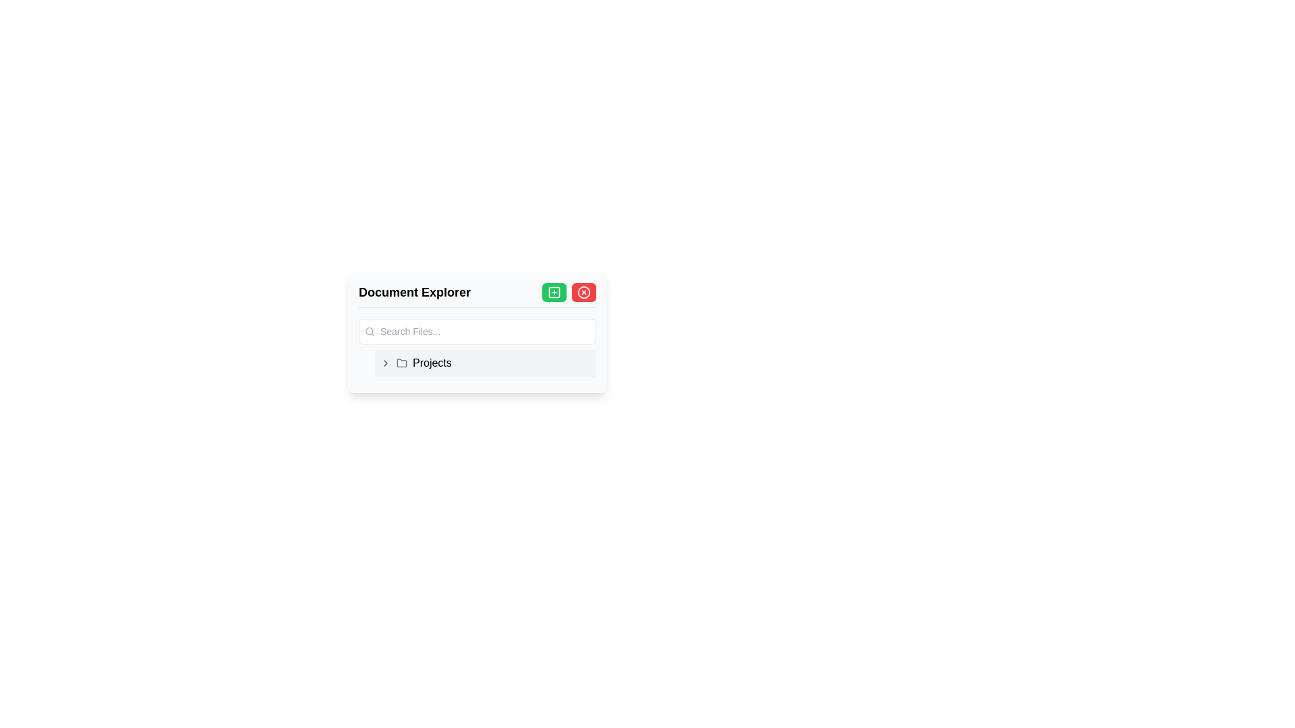 This screenshot has height=728, width=1295. I want to click on the green square-shaped button with a white plus icon, so click(554, 292).